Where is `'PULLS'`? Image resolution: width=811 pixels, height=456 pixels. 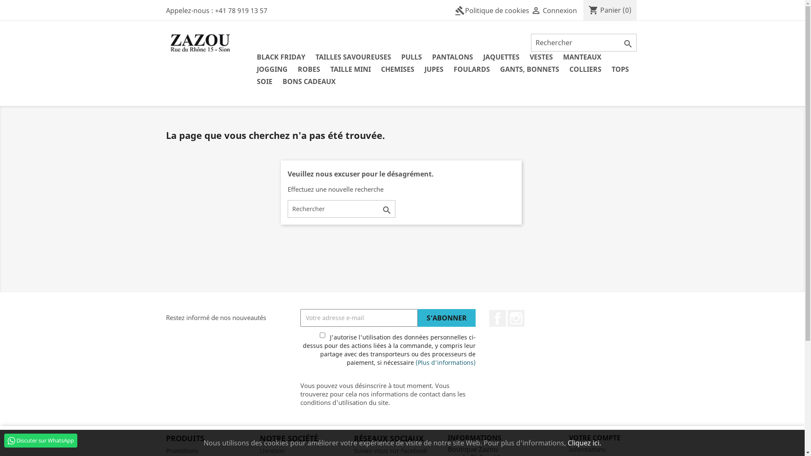 'PULLS' is located at coordinates (397, 57).